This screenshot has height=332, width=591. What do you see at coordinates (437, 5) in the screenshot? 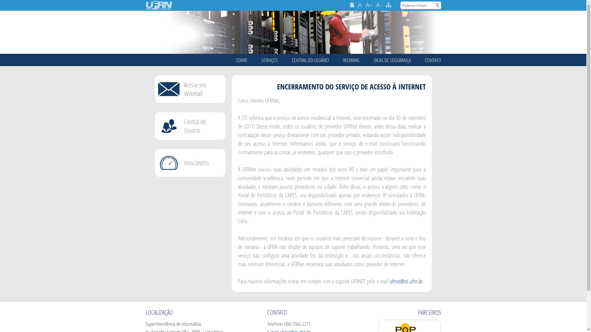
I see `'Buscar'` at bounding box center [437, 5].